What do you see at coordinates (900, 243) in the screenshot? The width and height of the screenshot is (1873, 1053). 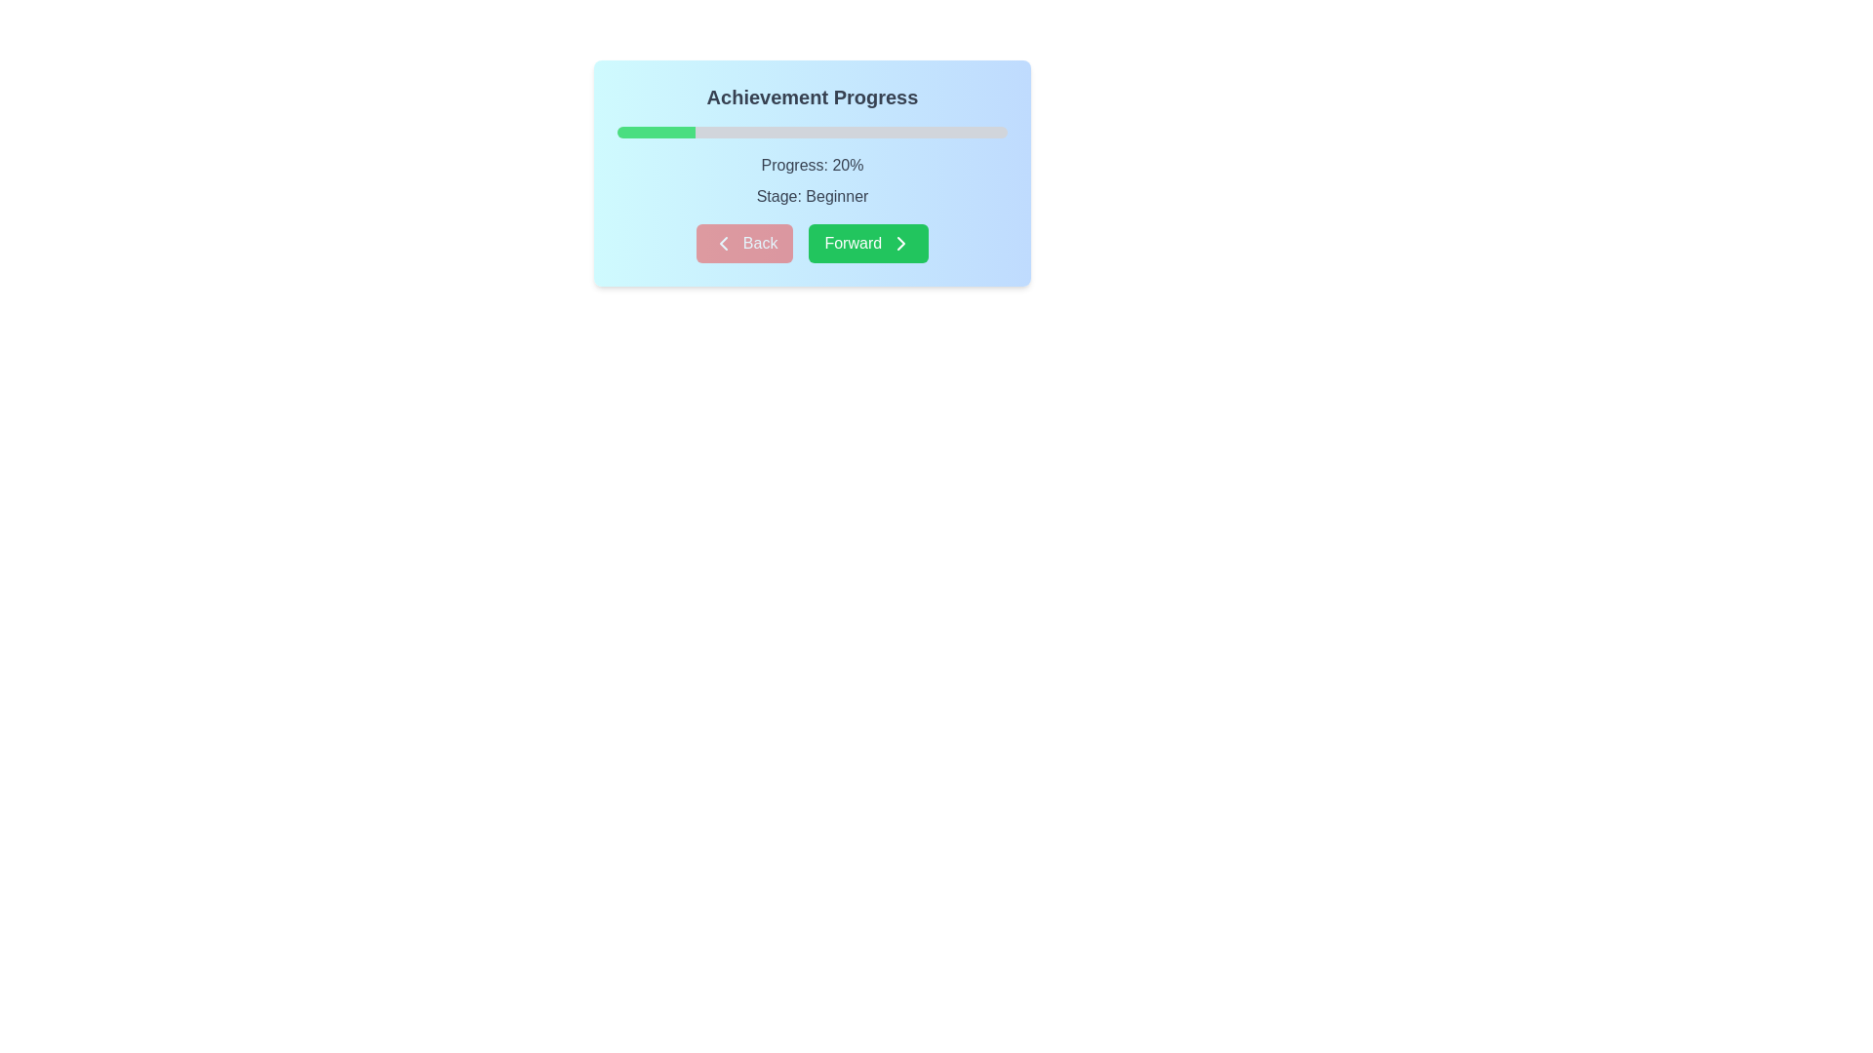 I see `the right-pointing chevron icon with a green background, located to the right of the 'Forward' text` at bounding box center [900, 243].